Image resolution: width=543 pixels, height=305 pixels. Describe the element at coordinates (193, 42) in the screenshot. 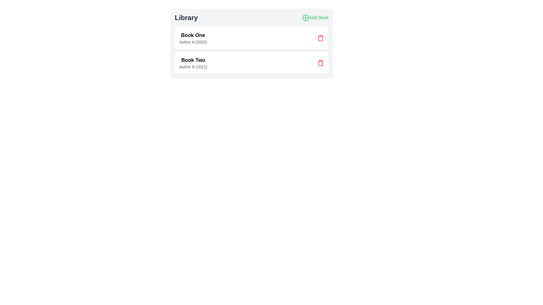

I see `the static text displaying the author and publication year of 'Book One', located directly below its title in the first book entry of the library list` at that location.